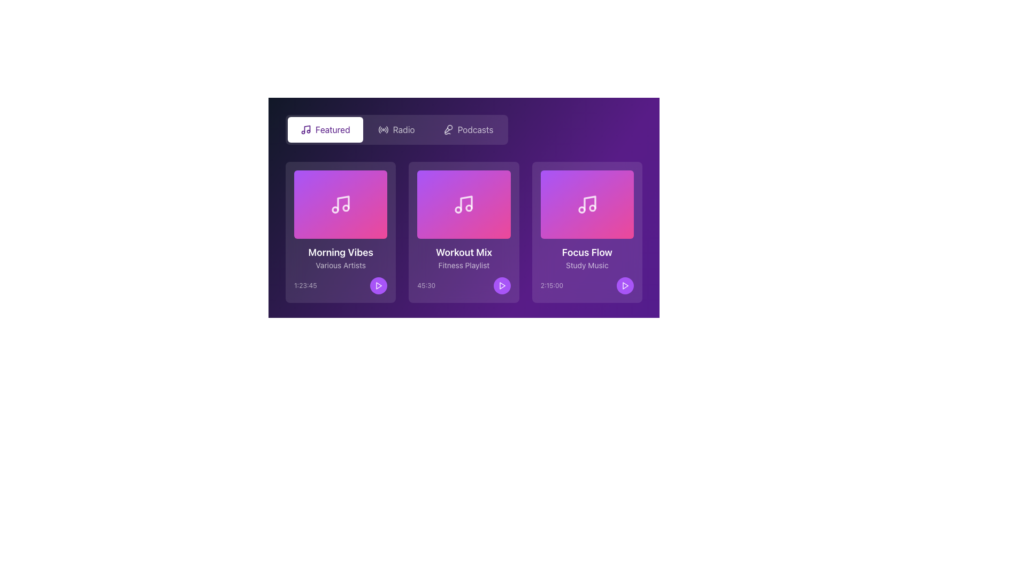 The height and width of the screenshot is (577, 1027). What do you see at coordinates (379, 285) in the screenshot?
I see `the triangular play icon with a white stroke on a purple circular button located at the bottom-right corner of the 'Morning Vibes' album card to play the associated music` at bounding box center [379, 285].